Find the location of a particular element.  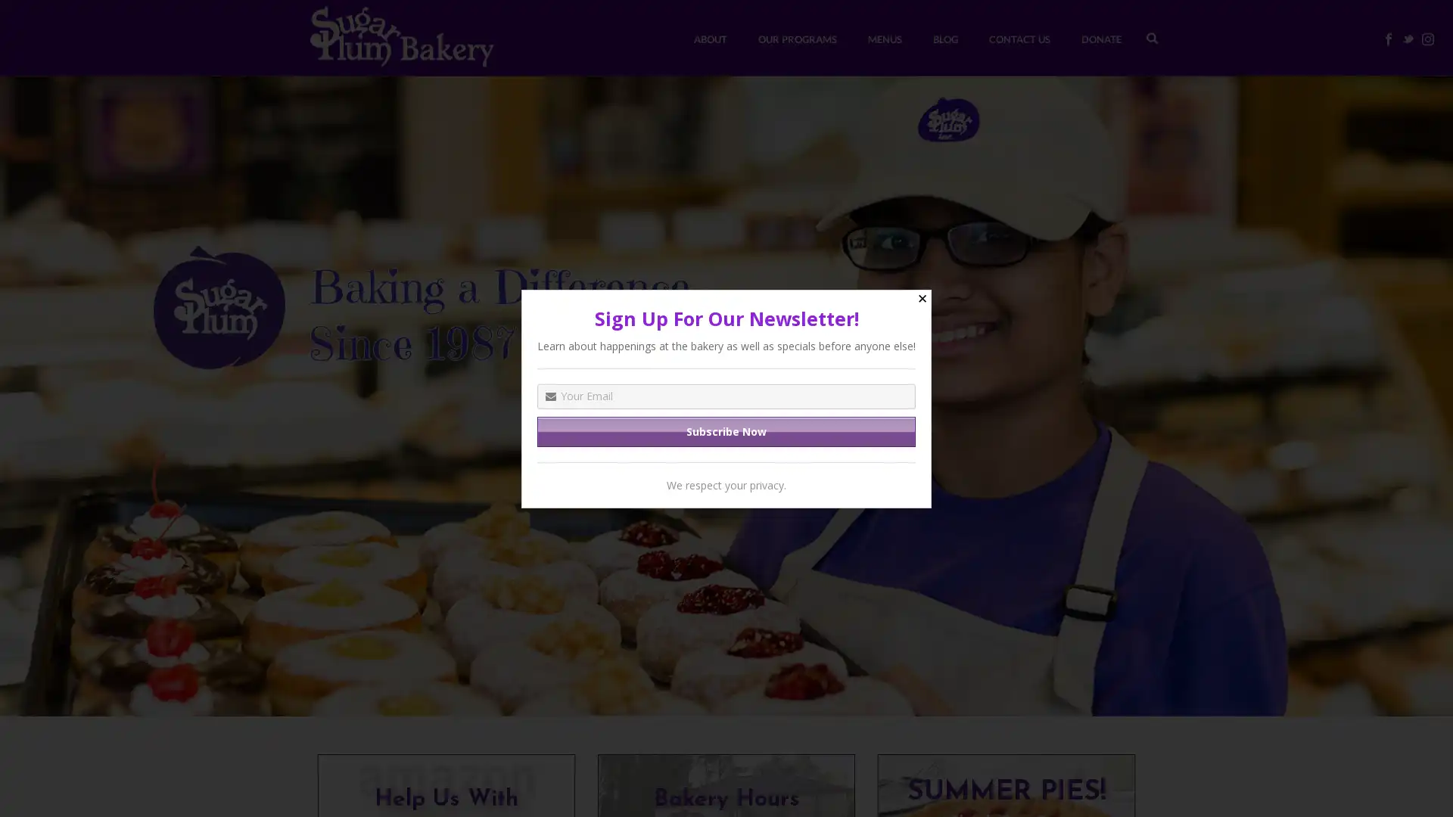

Close is located at coordinates (921, 299).